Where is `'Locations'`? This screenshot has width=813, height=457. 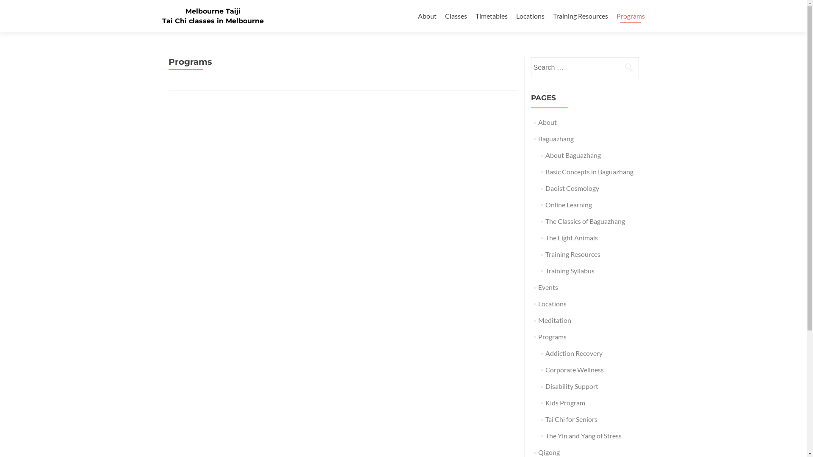
'Locations' is located at coordinates (529, 16).